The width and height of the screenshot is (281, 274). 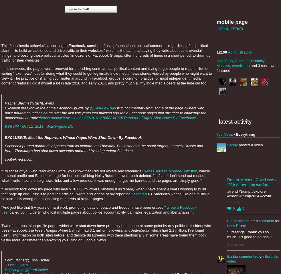 I want to click on 'Anti-Media', so click(x=140, y=230).